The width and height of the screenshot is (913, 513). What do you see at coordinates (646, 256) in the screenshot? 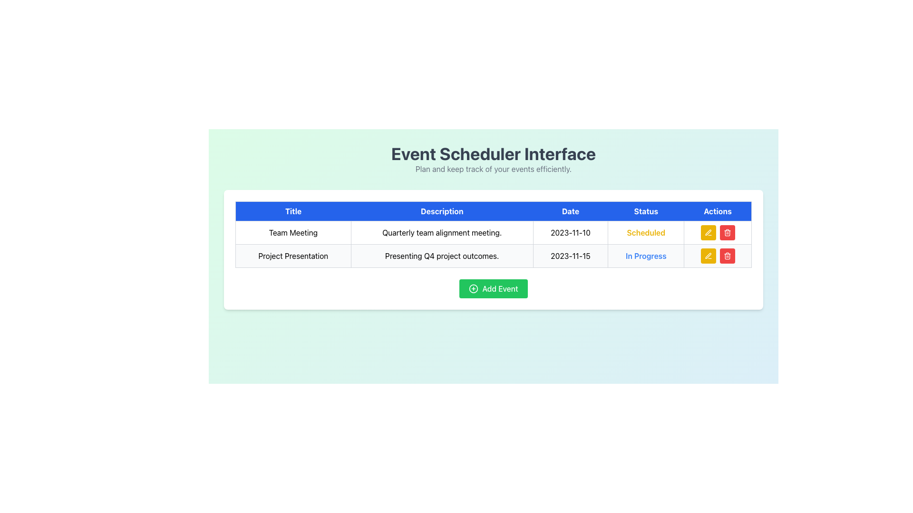
I see `the 'In Progress' text label, which is a rectangular box in the 'Status' column of the second row in the table, indicating project status` at bounding box center [646, 256].